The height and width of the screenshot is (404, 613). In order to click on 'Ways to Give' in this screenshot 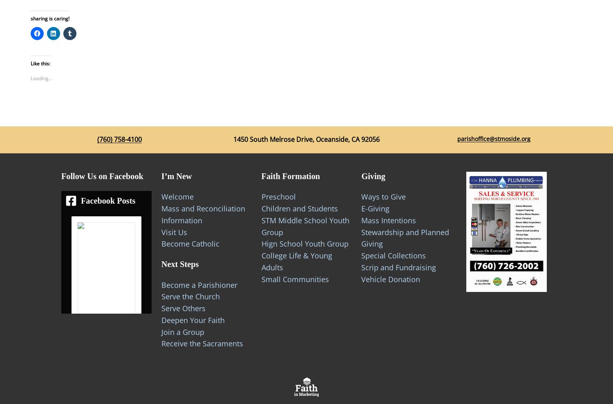, I will do `click(383, 196)`.